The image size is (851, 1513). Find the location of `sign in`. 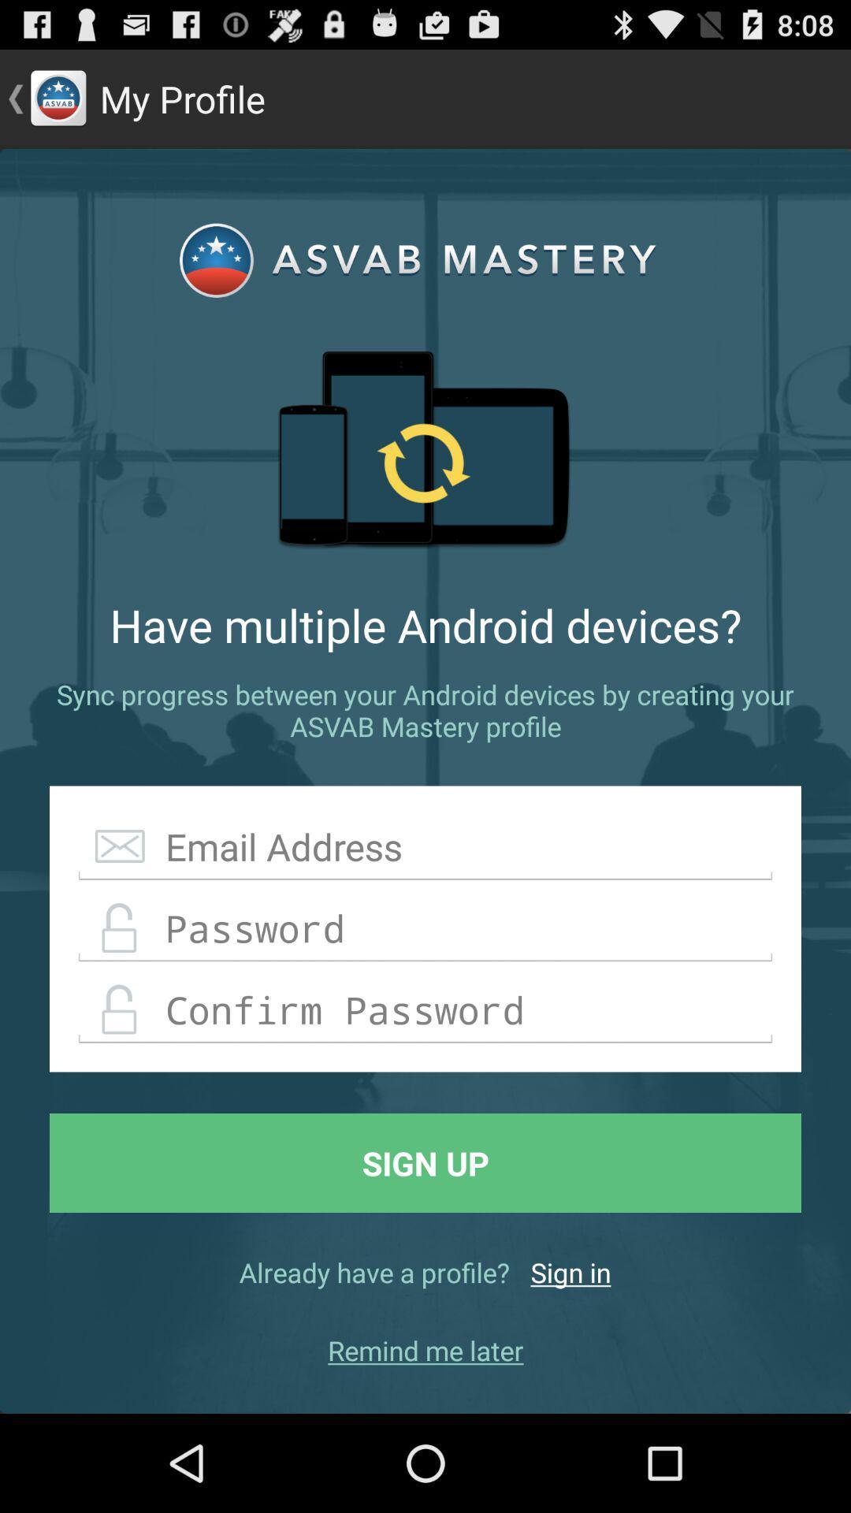

sign in is located at coordinates (570, 1272).